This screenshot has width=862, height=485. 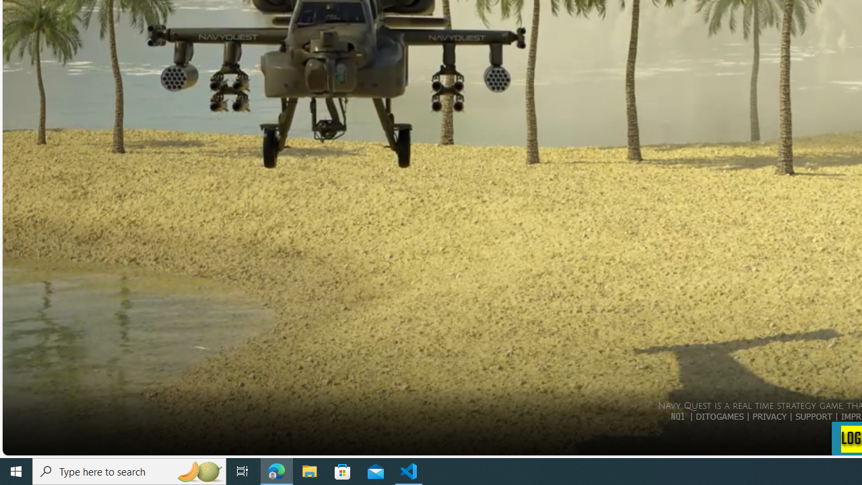 I want to click on 'PRIVACY', so click(x=770, y=415).